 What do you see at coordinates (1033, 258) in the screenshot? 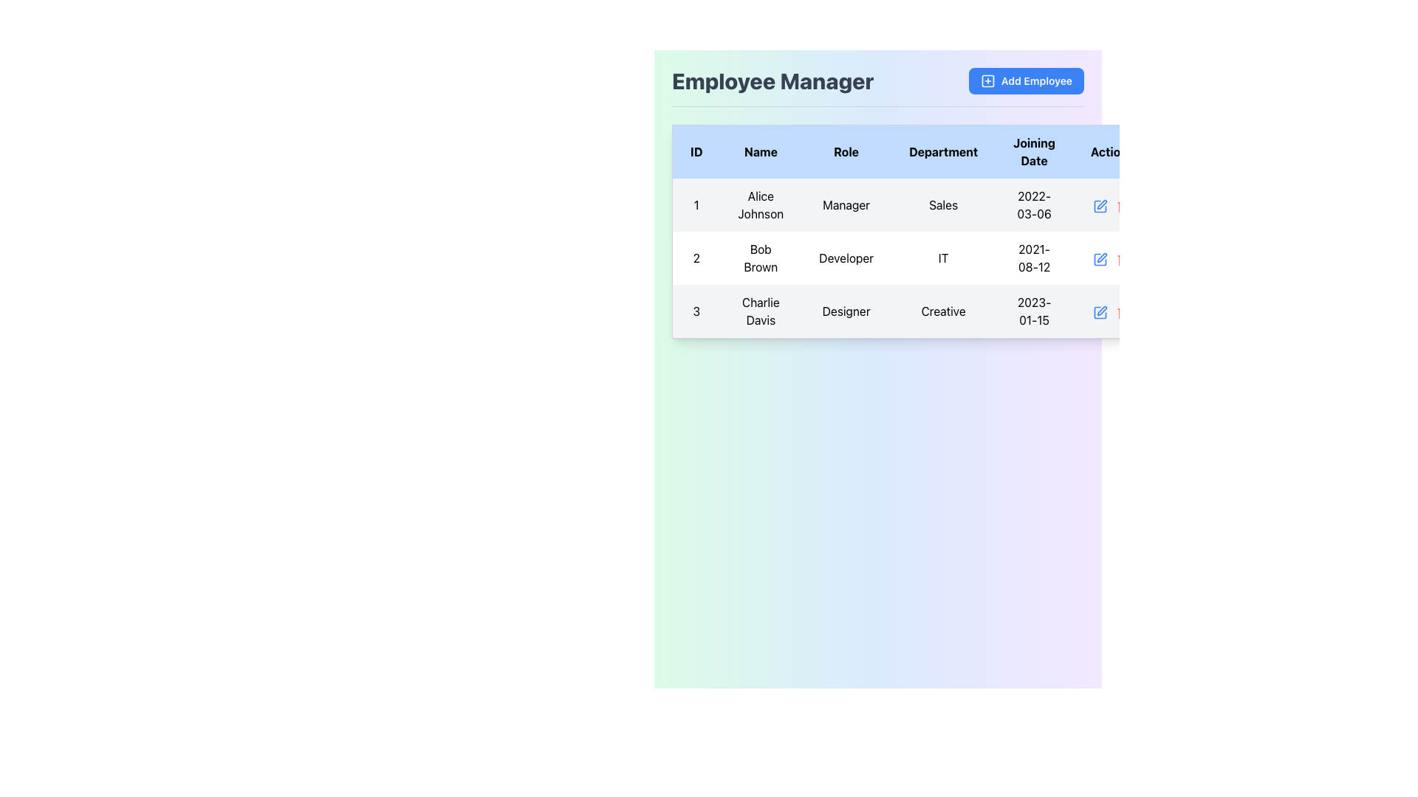
I see `the 'Joining Date' static text element displaying Bob Brown's joining date in the Employee Manager interface, located in the second row of the table` at bounding box center [1033, 258].